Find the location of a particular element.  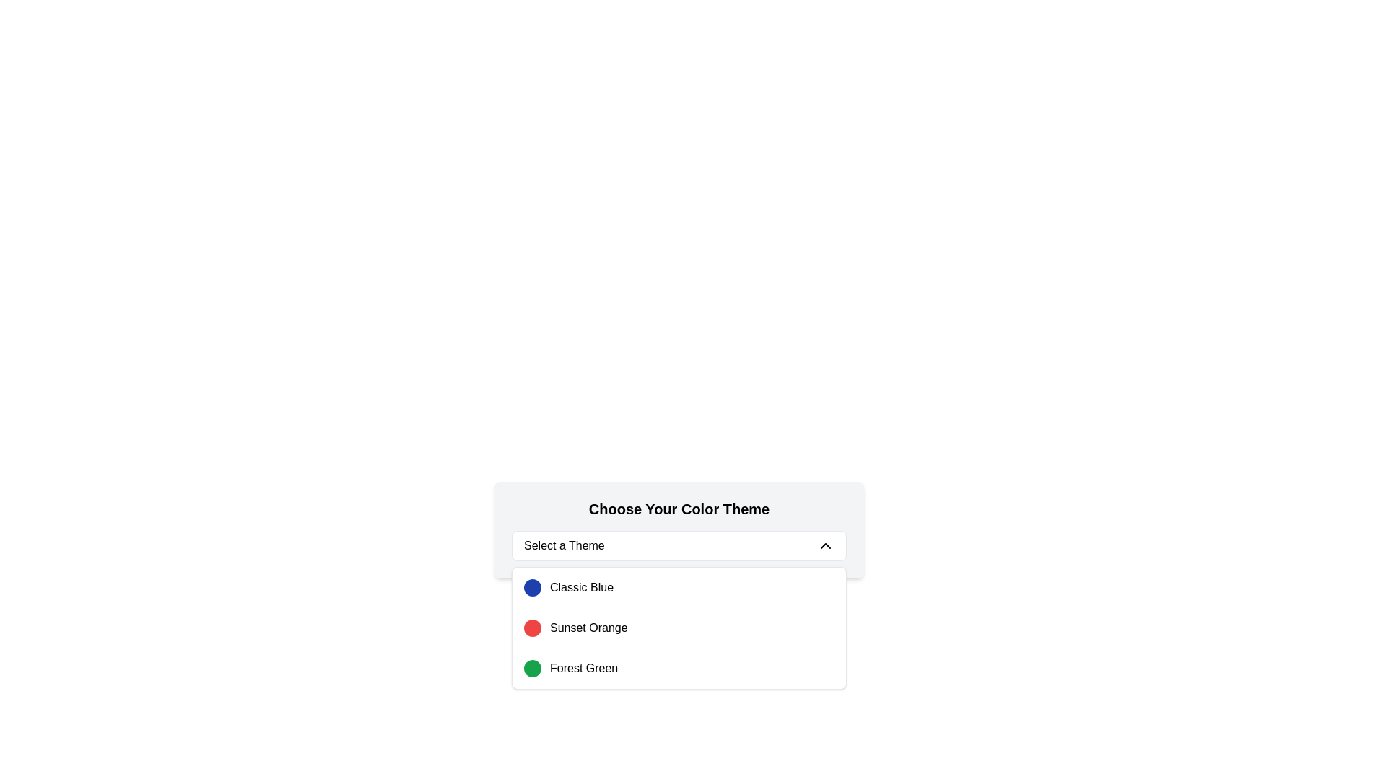

the selectable list item 'Forest Green' in the dropdown titled 'Choose Your Color Theme' is located at coordinates (570, 668).